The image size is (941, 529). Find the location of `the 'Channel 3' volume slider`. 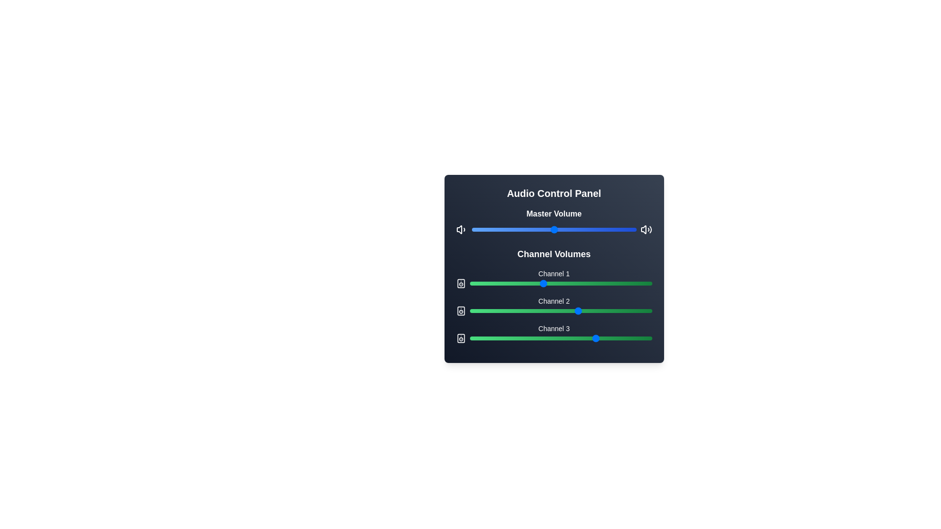

the 'Channel 3' volume slider is located at coordinates (561, 336).